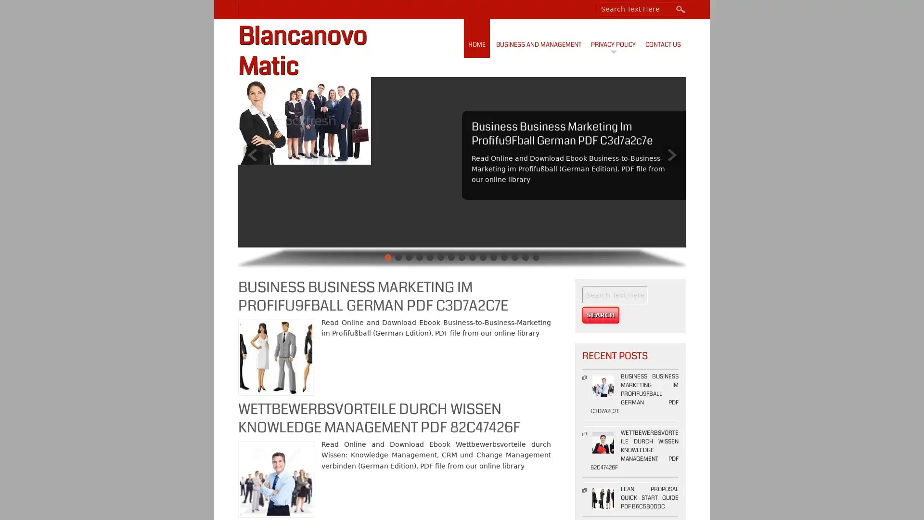 The image size is (924, 520). I want to click on Search, so click(600, 315).